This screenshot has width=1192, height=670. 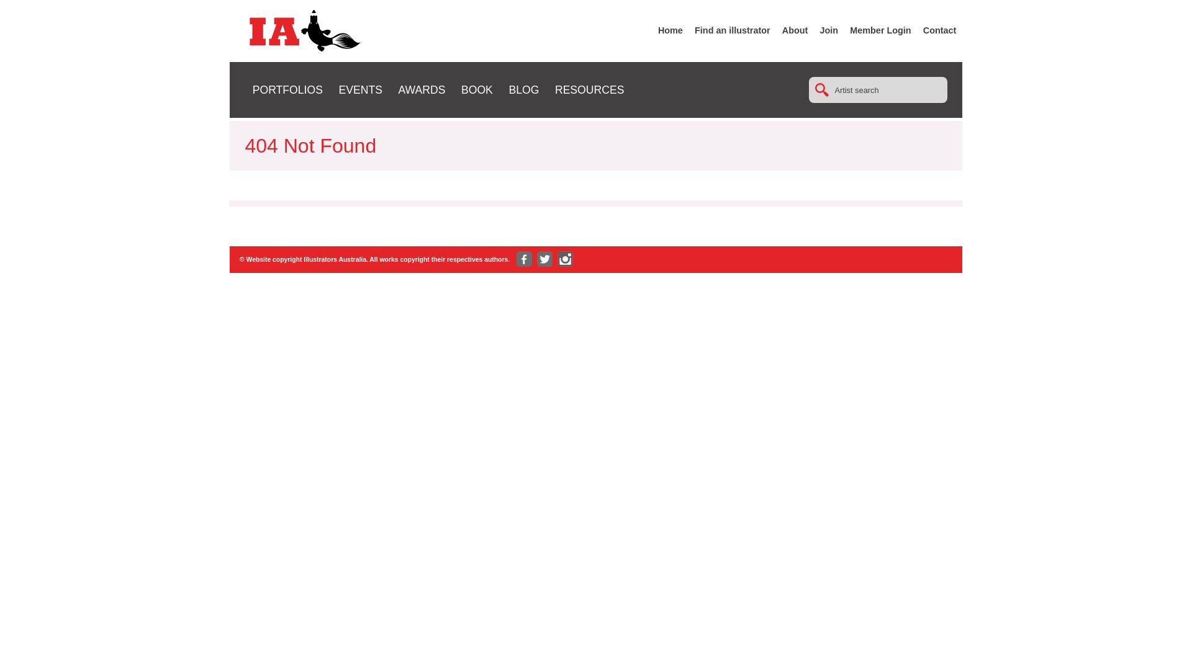 What do you see at coordinates (359, 89) in the screenshot?
I see `'EVENTS'` at bounding box center [359, 89].